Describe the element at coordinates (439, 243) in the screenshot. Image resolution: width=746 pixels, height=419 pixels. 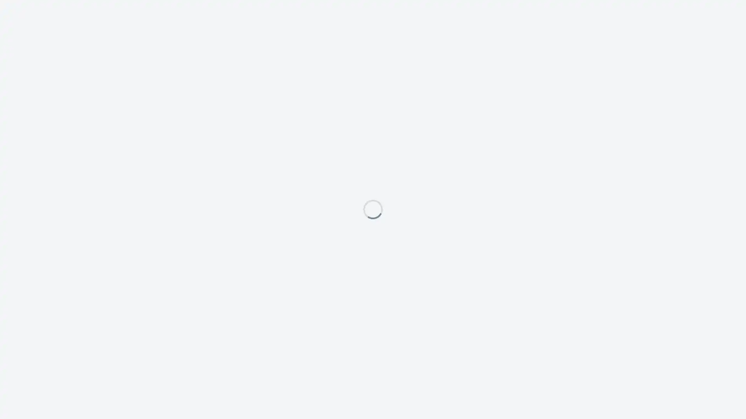
I see `Continue` at that location.